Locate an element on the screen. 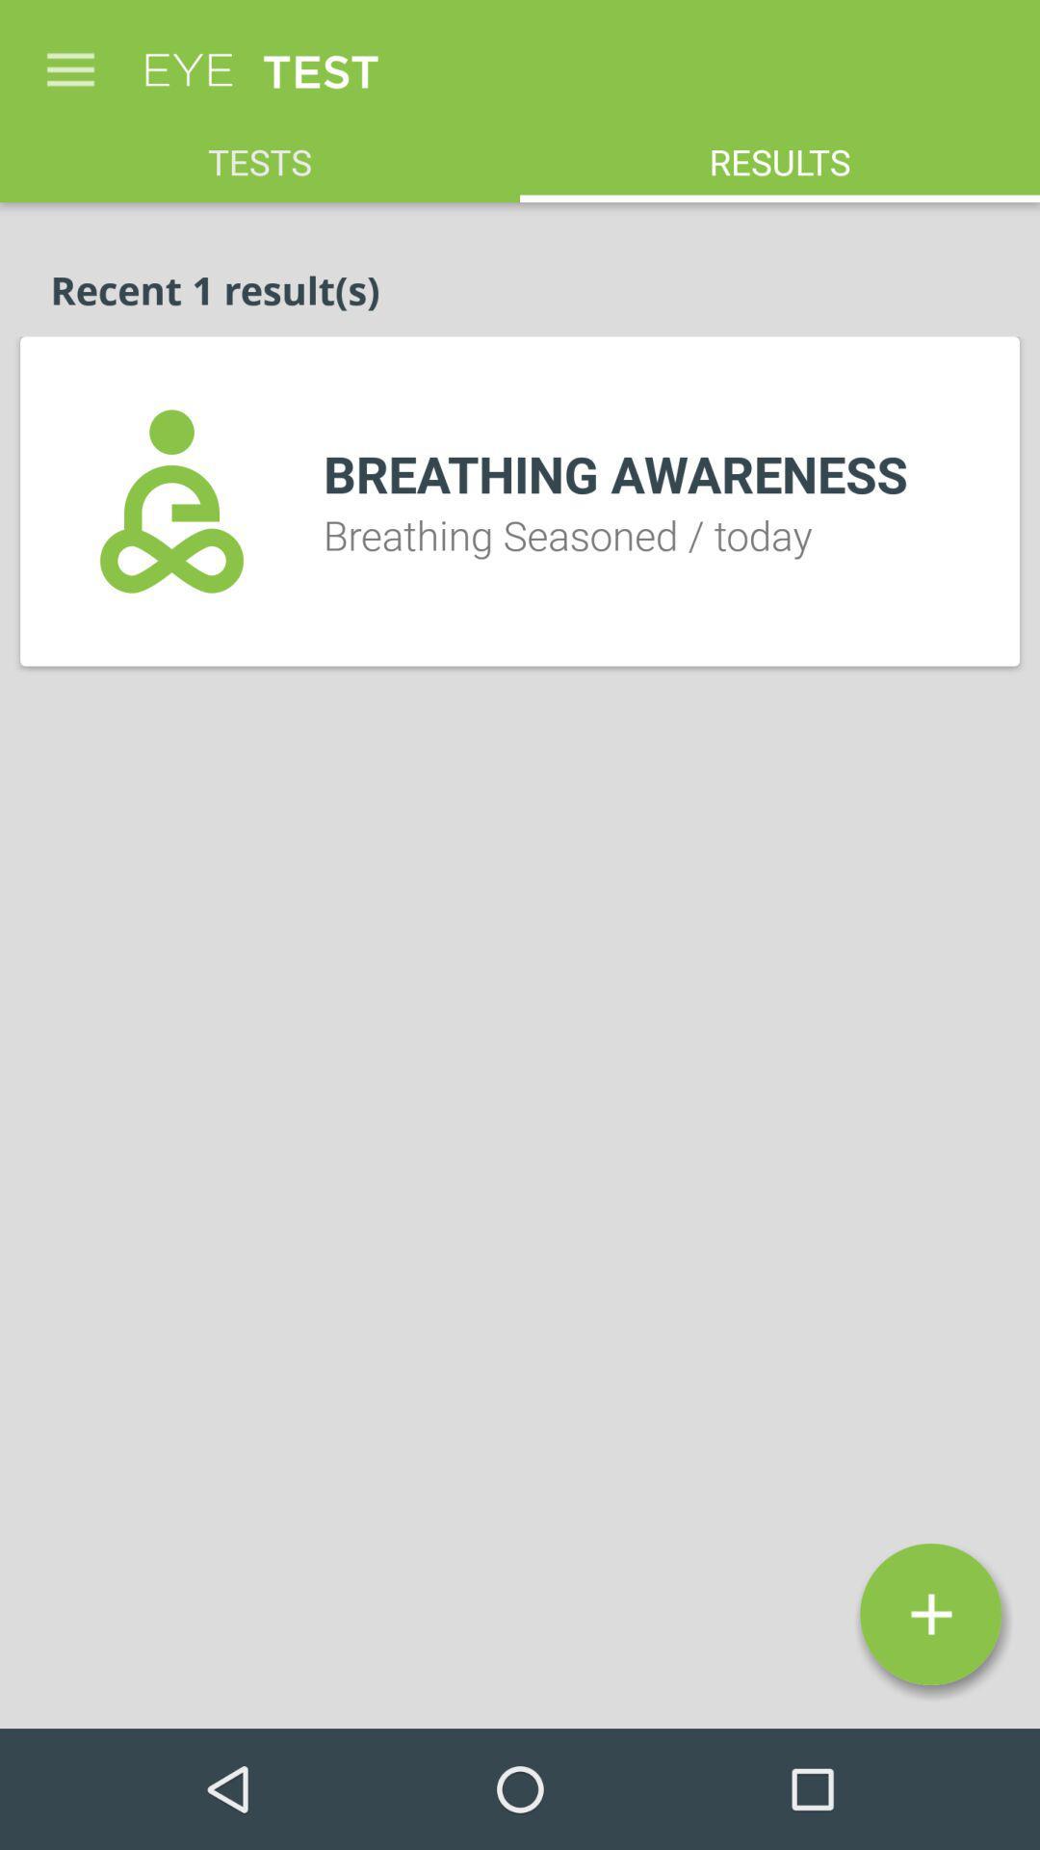 This screenshot has height=1850, width=1040. the add icon is located at coordinates (929, 1614).